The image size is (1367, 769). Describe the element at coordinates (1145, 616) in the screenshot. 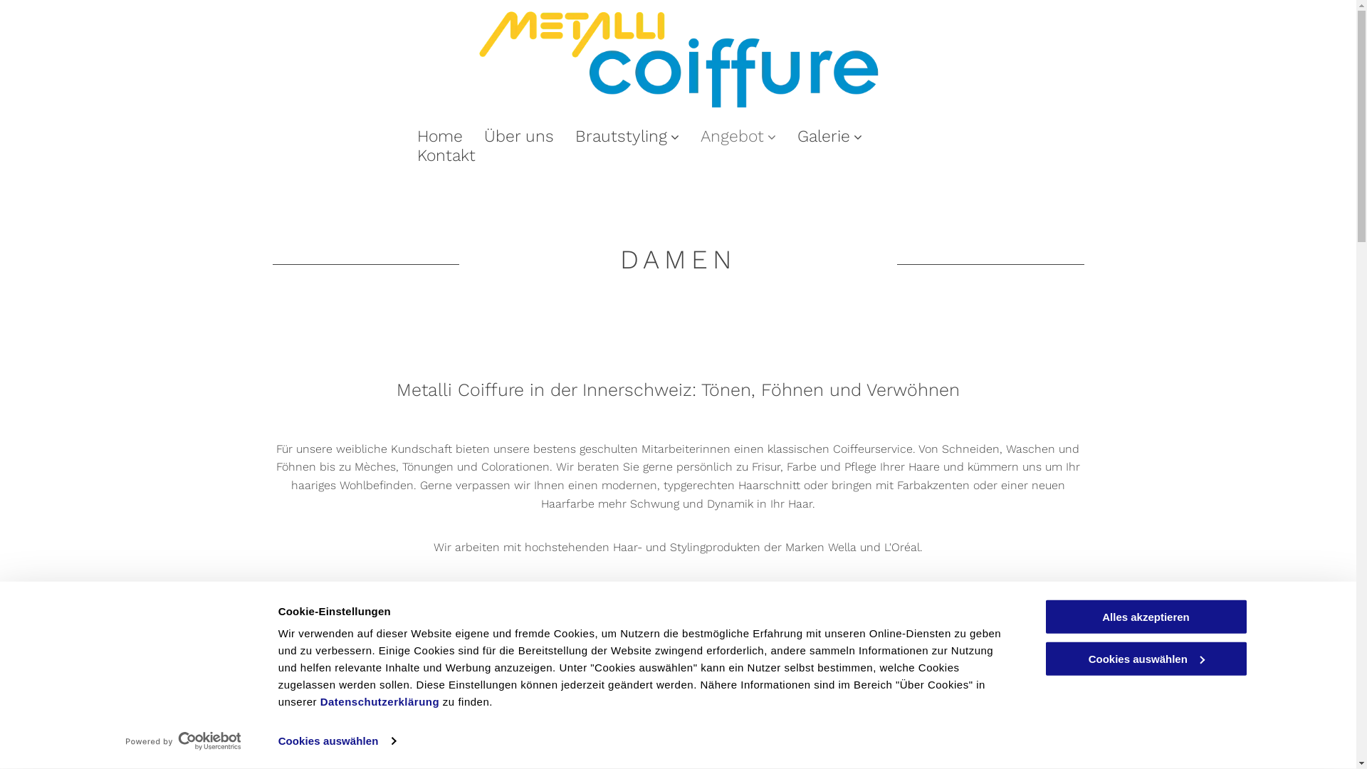

I see `'Alles akzeptieren'` at that location.